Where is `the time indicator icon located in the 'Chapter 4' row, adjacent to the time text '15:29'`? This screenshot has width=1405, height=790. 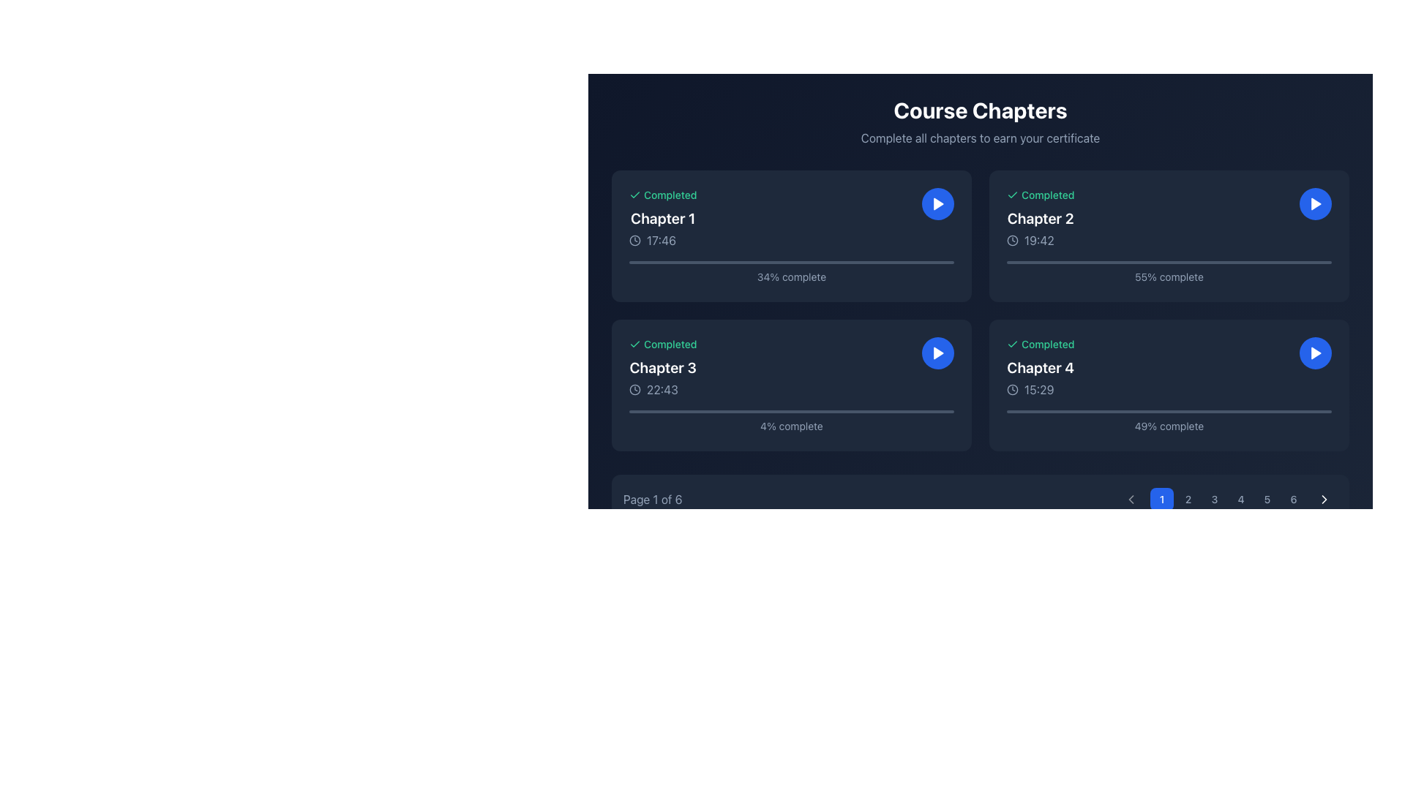
the time indicator icon located in the 'Chapter 4' row, adjacent to the time text '15:29' is located at coordinates (1011, 388).